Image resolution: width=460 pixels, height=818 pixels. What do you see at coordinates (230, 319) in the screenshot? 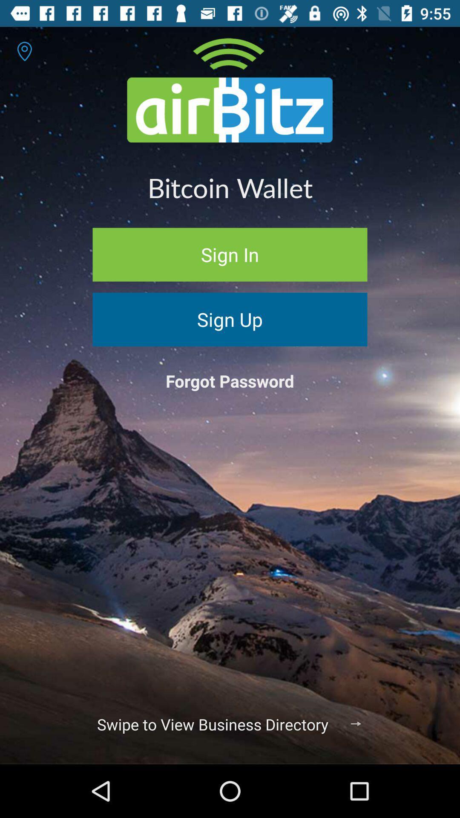
I see `the item below sign in icon` at bounding box center [230, 319].